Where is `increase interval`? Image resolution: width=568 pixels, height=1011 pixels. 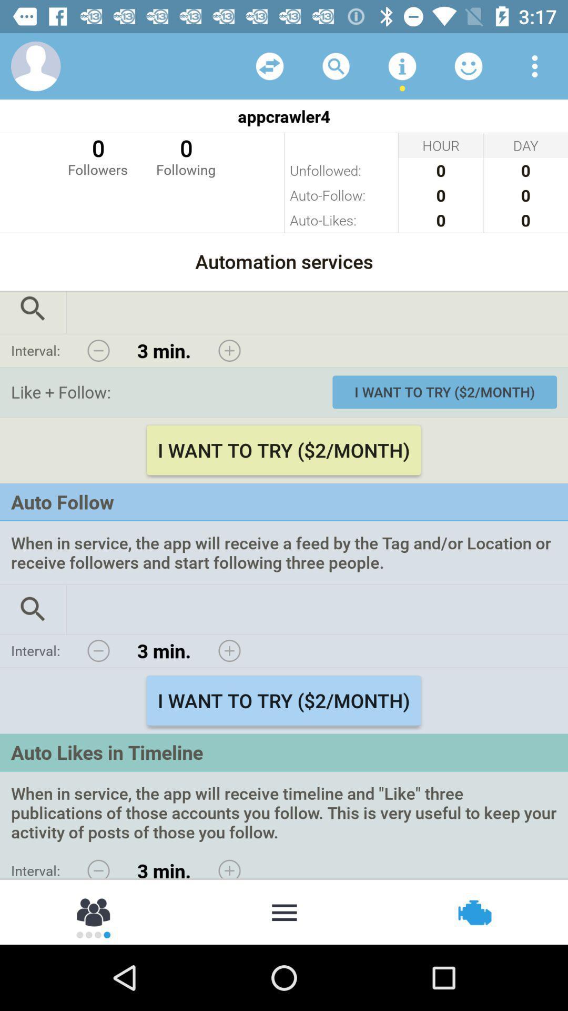 increase interval is located at coordinates (229, 650).